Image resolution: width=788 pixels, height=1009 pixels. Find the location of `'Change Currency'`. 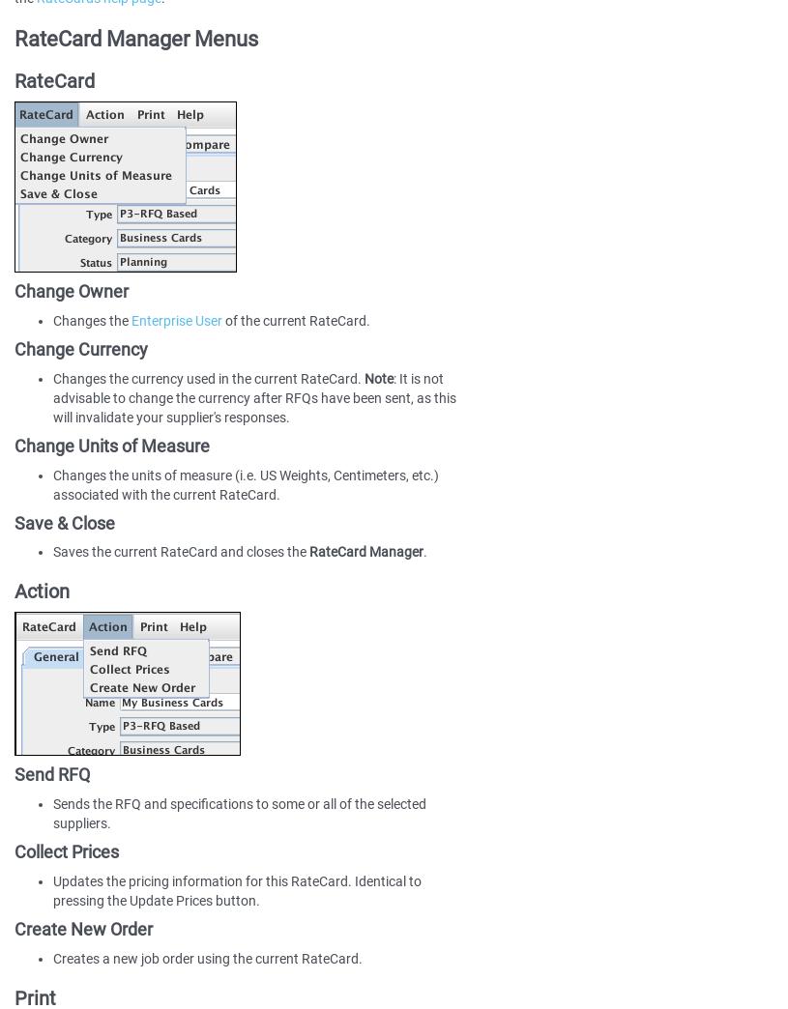

'Change Currency' is located at coordinates (80, 349).